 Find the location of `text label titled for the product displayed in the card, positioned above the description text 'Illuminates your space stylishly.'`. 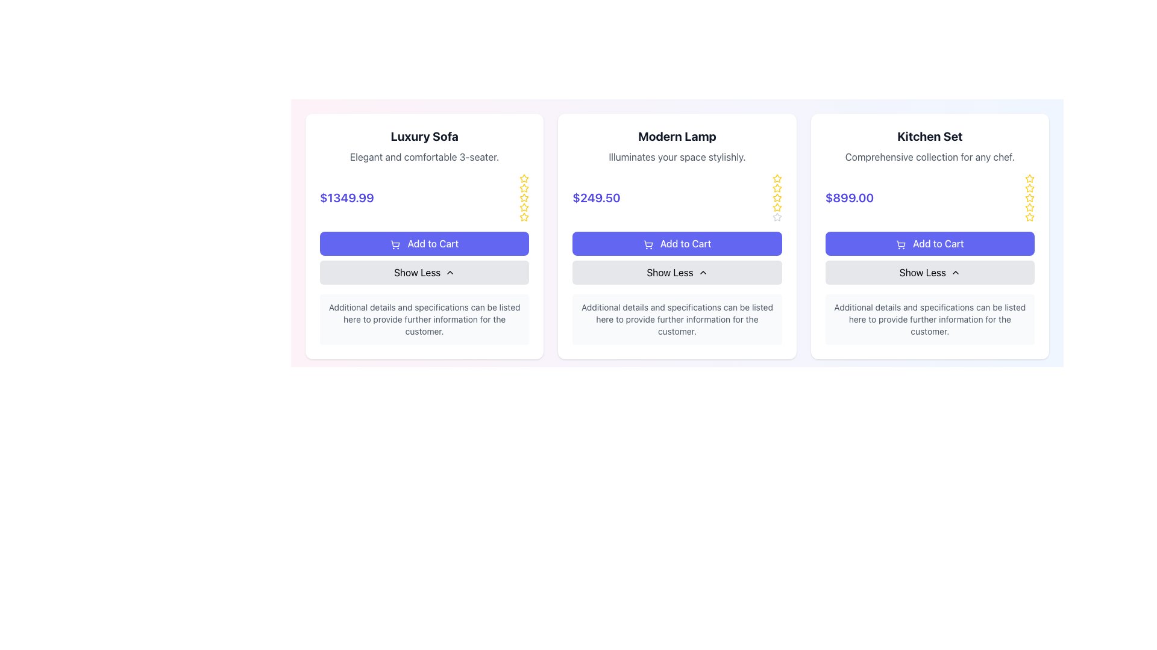

text label titled for the product displayed in the card, positioned above the description text 'Illuminates your space stylishly.' is located at coordinates (677, 136).